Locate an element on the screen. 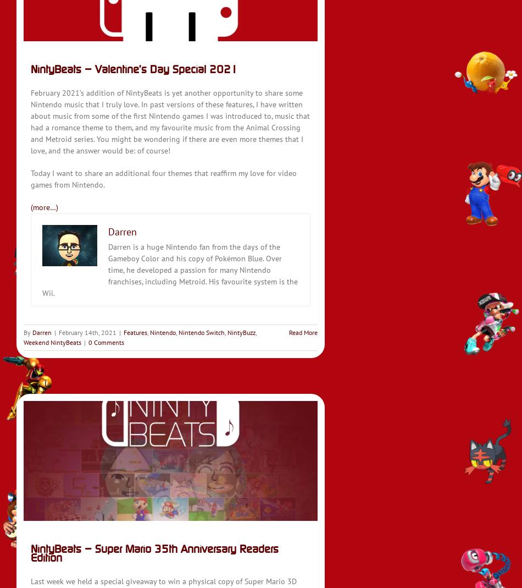 The height and width of the screenshot is (588, 522). '(more…)' is located at coordinates (45, 207).